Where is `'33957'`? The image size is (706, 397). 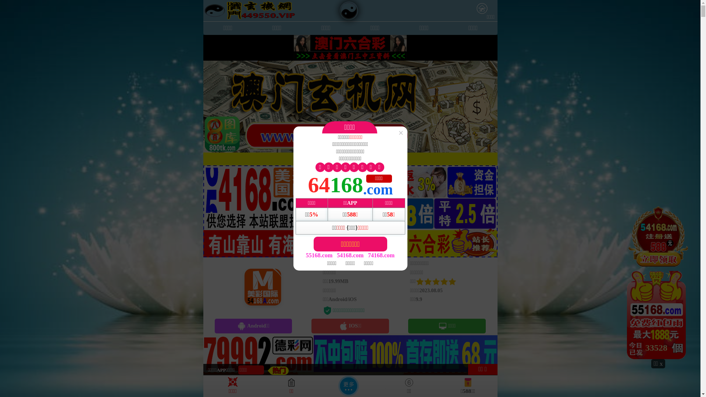 '33957' is located at coordinates (658, 282).